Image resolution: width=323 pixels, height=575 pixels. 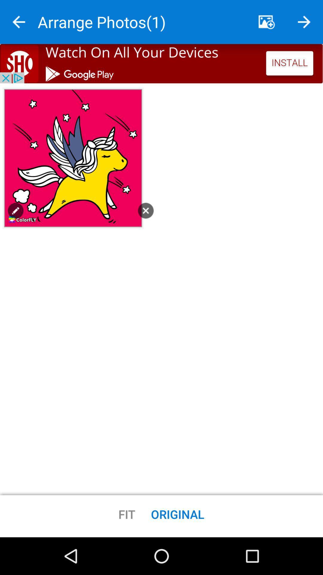 What do you see at coordinates (304, 22) in the screenshot?
I see `next the option` at bounding box center [304, 22].